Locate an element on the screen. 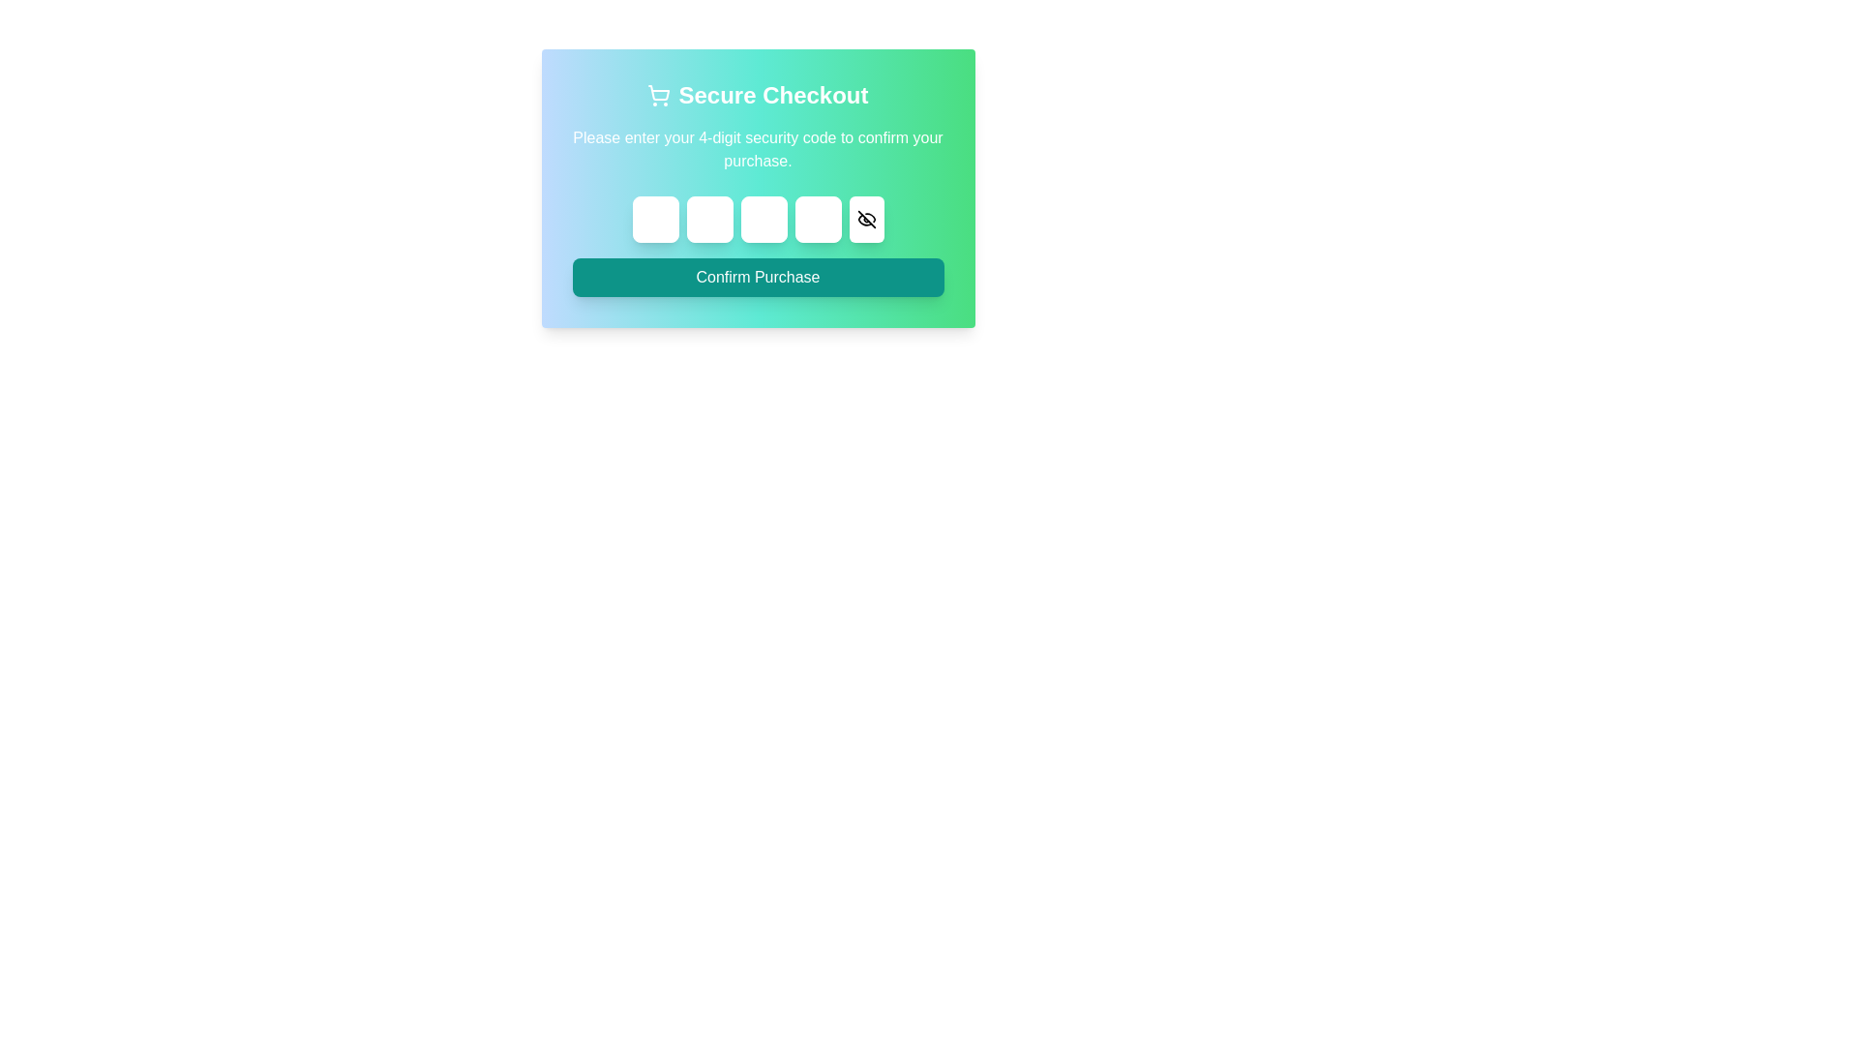 The image size is (1858, 1045). the text label that instructs users to 'Please enter your 4-digit security code to confirm your purchase.', which is centered below the heading 'Secure Checkout' is located at coordinates (757, 148).